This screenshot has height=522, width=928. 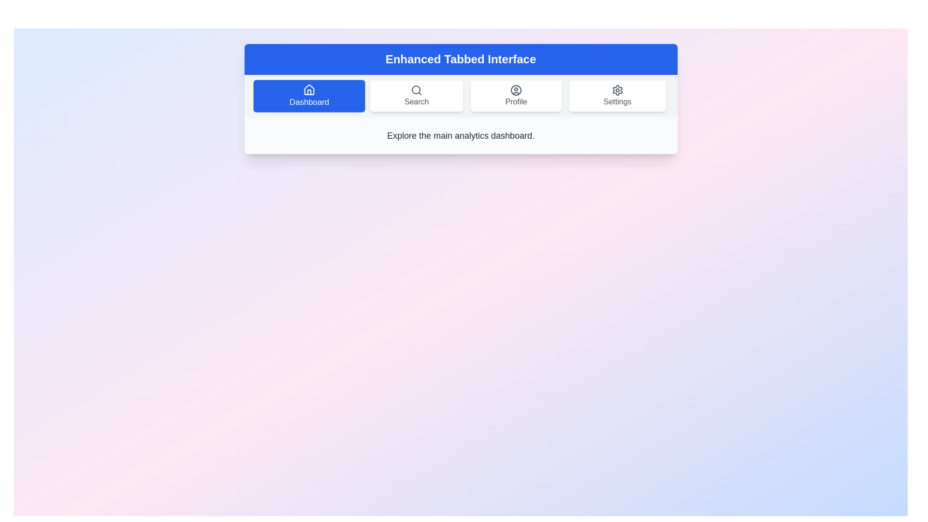 I want to click on the house icon in the navigation bar labeled 'Dashboard', so click(x=308, y=89).